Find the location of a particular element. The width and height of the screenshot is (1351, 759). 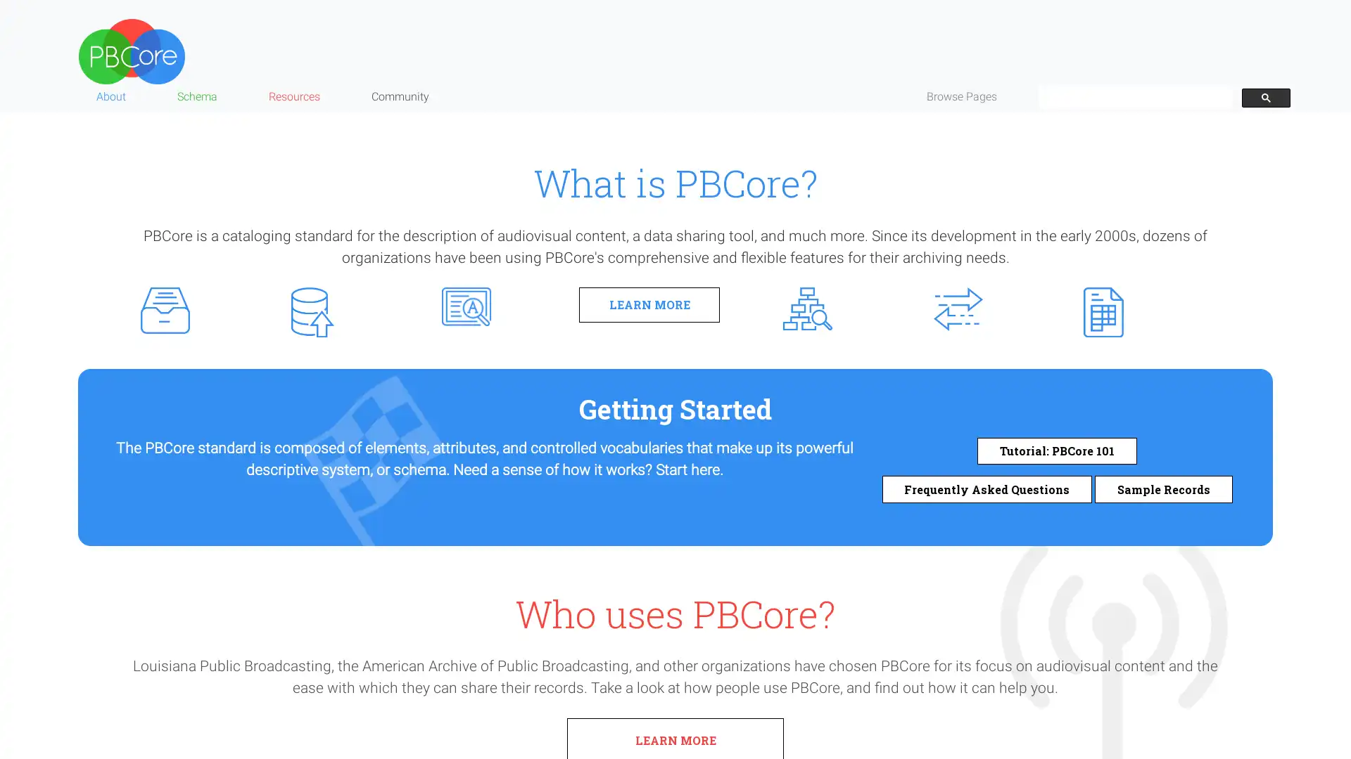

Tutorial: PBCore 101 is located at coordinates (1057, 450).